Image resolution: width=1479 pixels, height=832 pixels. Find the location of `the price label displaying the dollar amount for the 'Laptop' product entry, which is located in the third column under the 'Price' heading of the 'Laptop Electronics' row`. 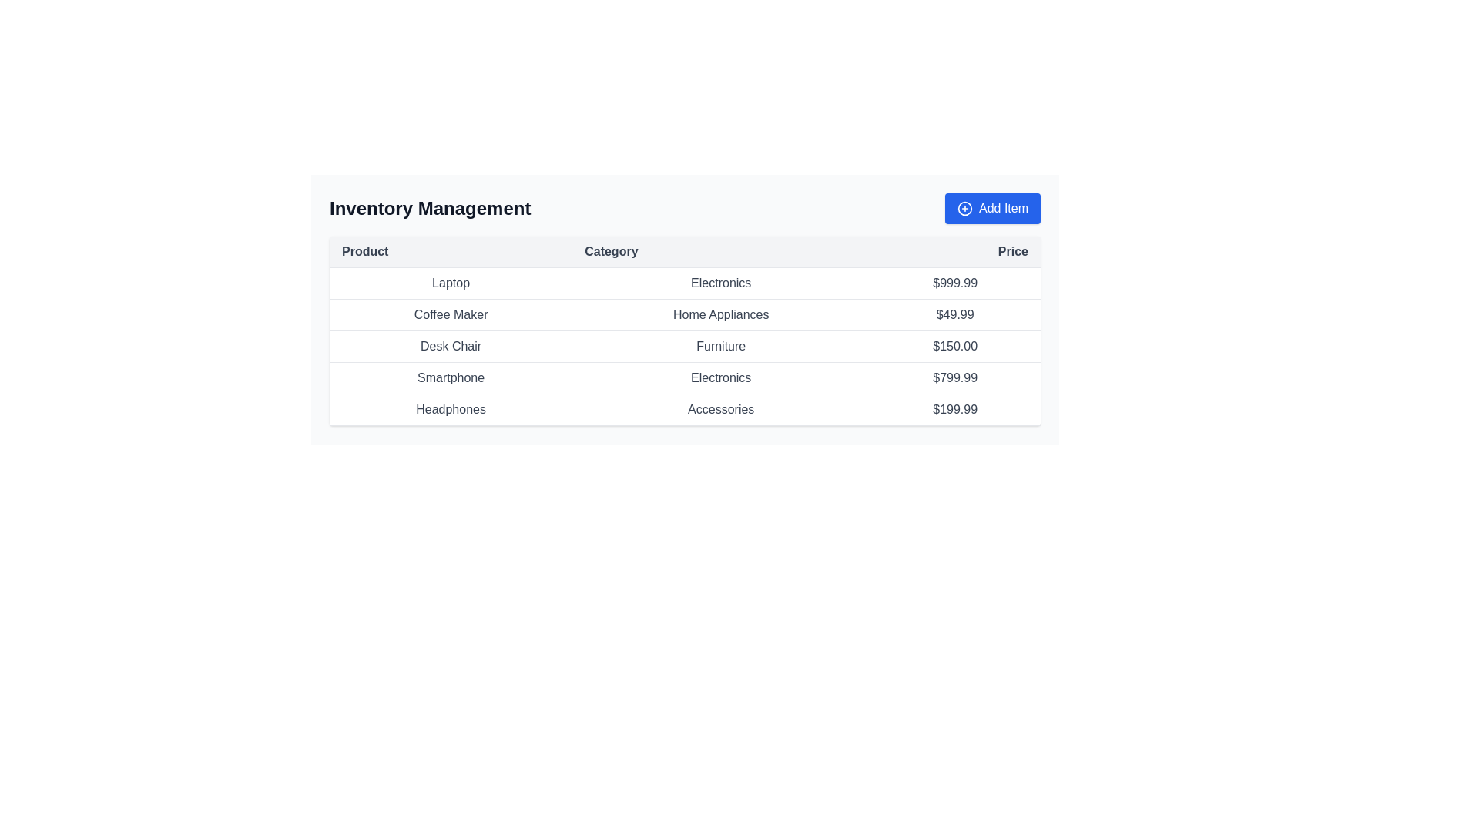

the price label displaying the dollar amount for the 'Laptop' product entry, which is located in the third column under the 'Price' heading of the 'Laptop Electronics' row is located at coordinates (954, 283).